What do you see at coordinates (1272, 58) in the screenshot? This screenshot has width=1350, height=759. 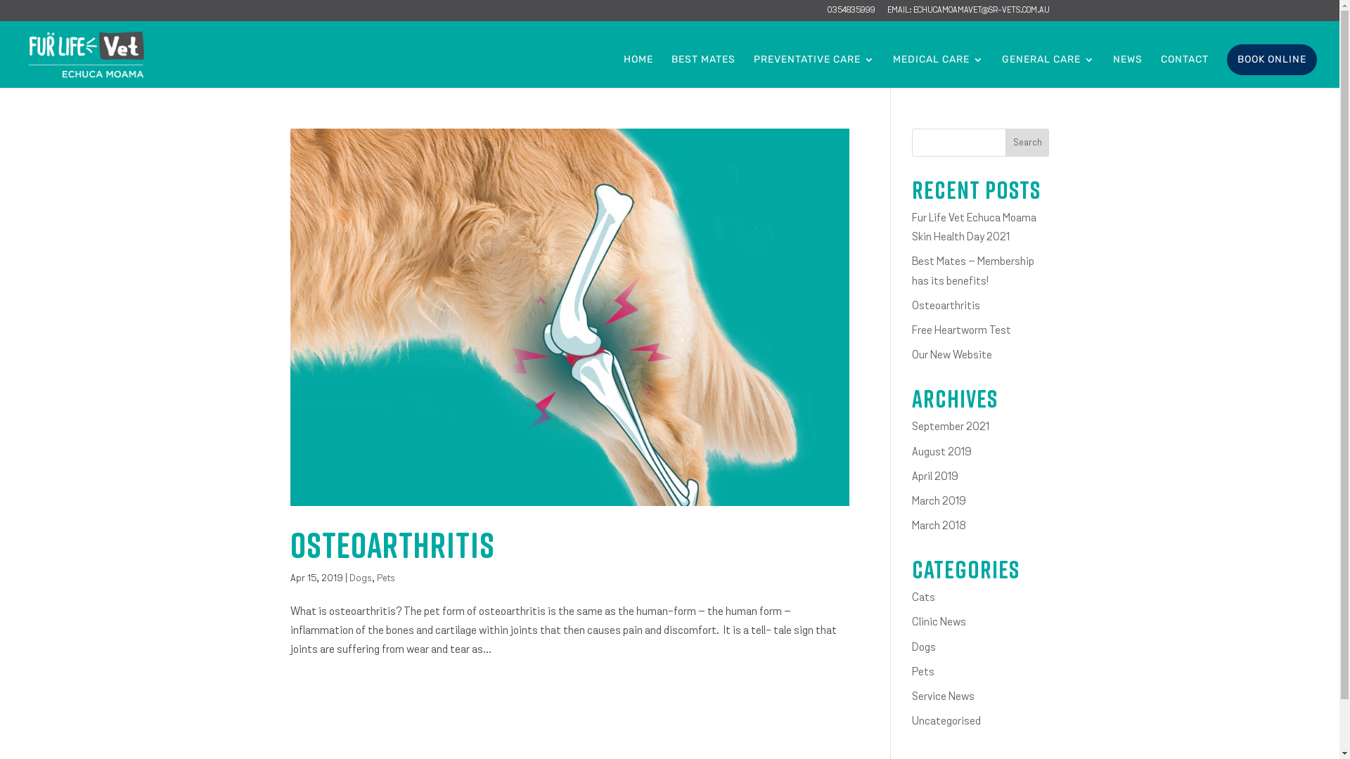 I see `'BOOK ONLINE'` at bounding box center [1272, 58].